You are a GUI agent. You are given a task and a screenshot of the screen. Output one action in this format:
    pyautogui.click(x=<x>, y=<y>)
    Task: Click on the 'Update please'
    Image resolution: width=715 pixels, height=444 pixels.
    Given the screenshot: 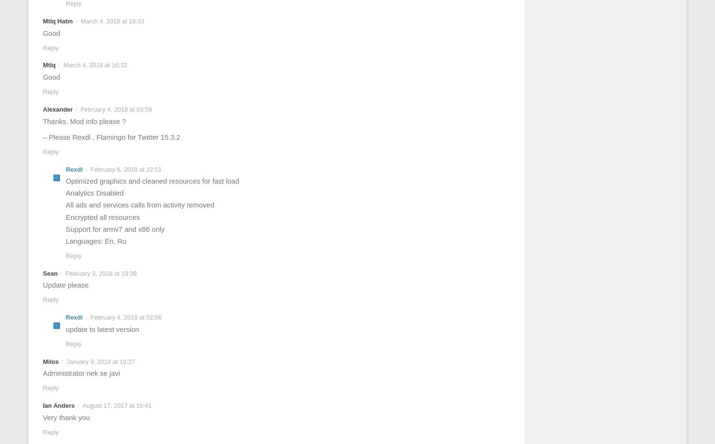 What is the action you would take?
    pyautogui.click(x=65, y=284)
    